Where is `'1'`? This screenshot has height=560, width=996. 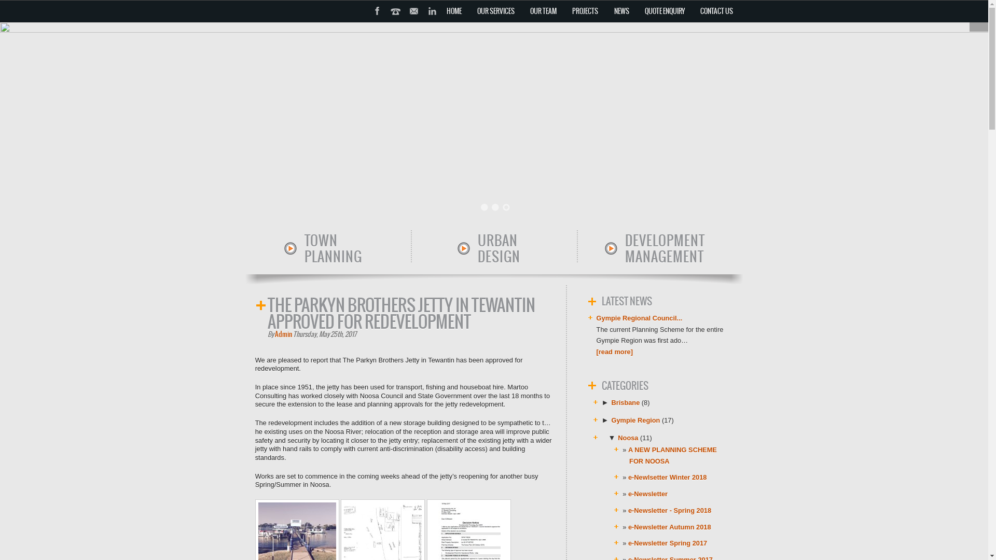 '1' is located at coordinates (484, 207).